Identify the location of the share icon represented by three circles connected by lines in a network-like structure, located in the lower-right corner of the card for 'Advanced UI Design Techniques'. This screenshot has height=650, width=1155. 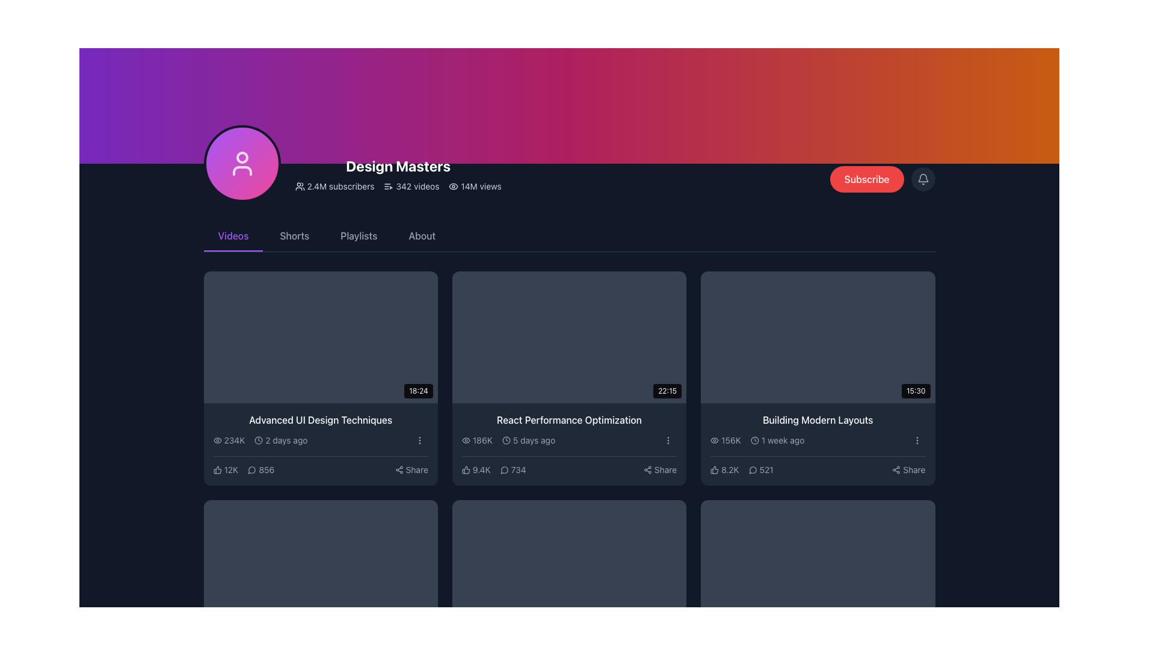
(399, 469).